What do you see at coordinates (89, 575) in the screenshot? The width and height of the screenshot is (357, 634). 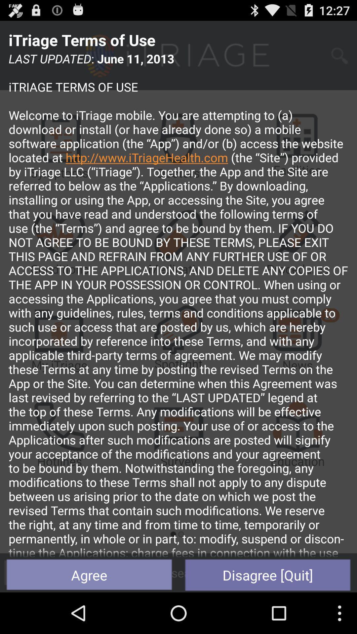 I see `the item below the last updated june icon` at bounding box center [89, 575].